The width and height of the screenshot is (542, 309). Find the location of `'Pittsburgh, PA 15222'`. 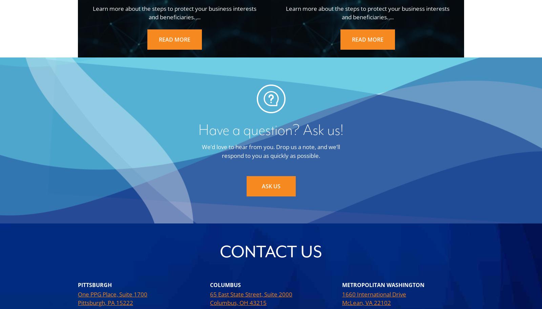

'Pittsburgh, PA 15222' is located at coordinates (78, 302).